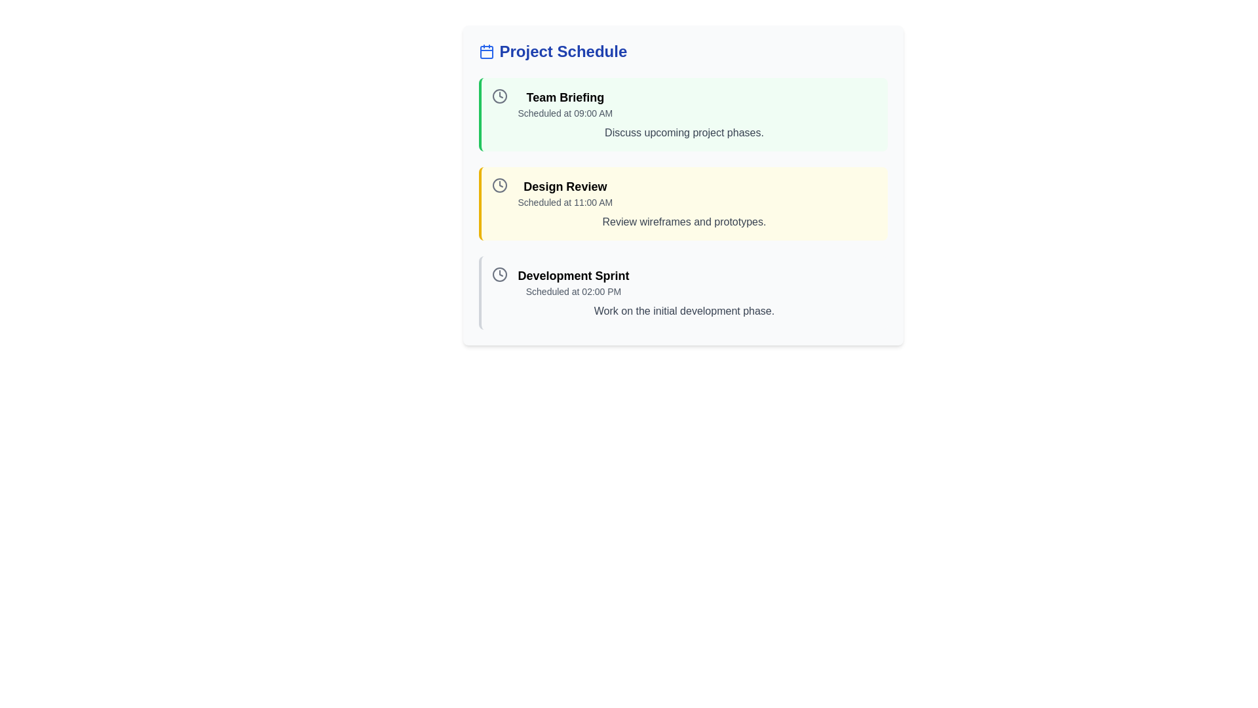  Describe the element at coordinates (683, 133) in the screenshot. I see `the text label displaying 'Discuss upcoming project phases.' which is styled in gray and positioned below the 'Team Briefing' header and the 'Scheduled at 09:00 AM' subtext` at that location.